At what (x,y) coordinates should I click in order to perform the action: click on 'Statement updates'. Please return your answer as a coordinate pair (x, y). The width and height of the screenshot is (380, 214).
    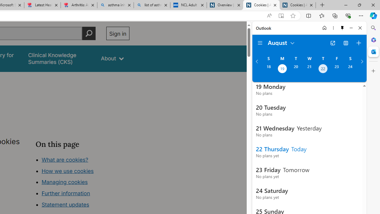
    Looking at the image, I should click on (65, 204).